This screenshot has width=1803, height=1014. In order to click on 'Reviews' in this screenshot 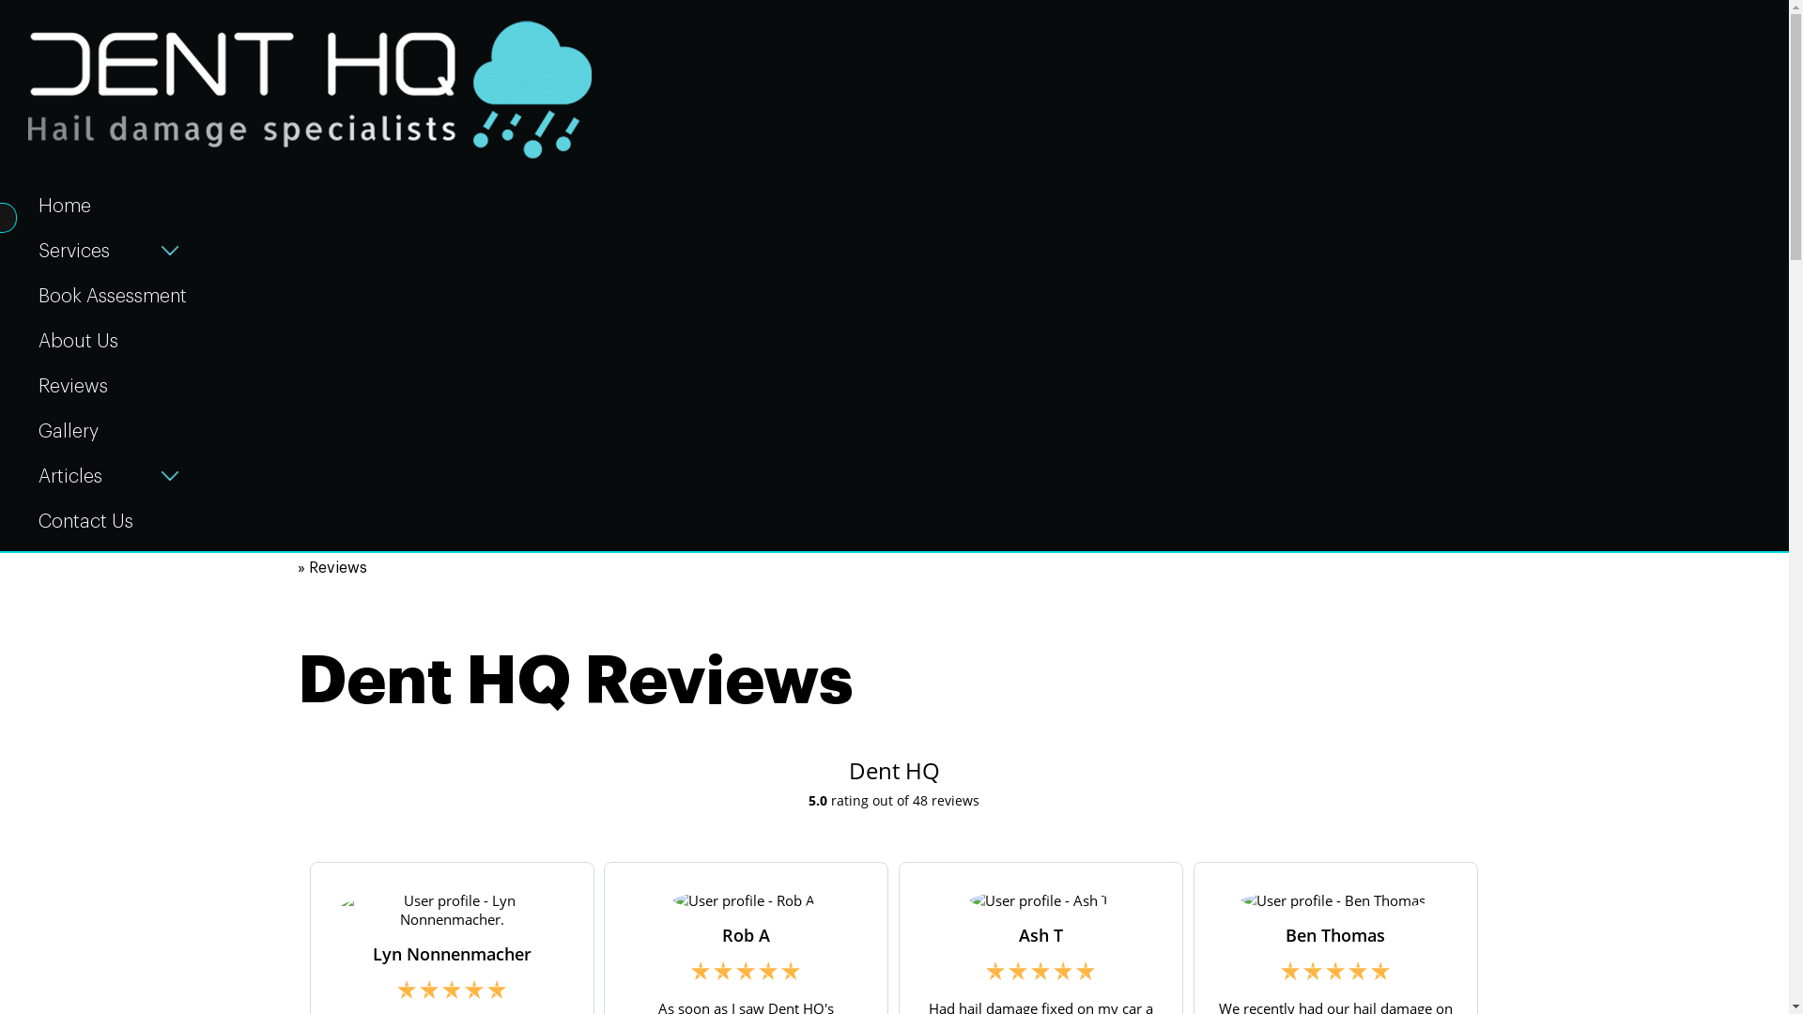, I will do `click(112, 382)`.